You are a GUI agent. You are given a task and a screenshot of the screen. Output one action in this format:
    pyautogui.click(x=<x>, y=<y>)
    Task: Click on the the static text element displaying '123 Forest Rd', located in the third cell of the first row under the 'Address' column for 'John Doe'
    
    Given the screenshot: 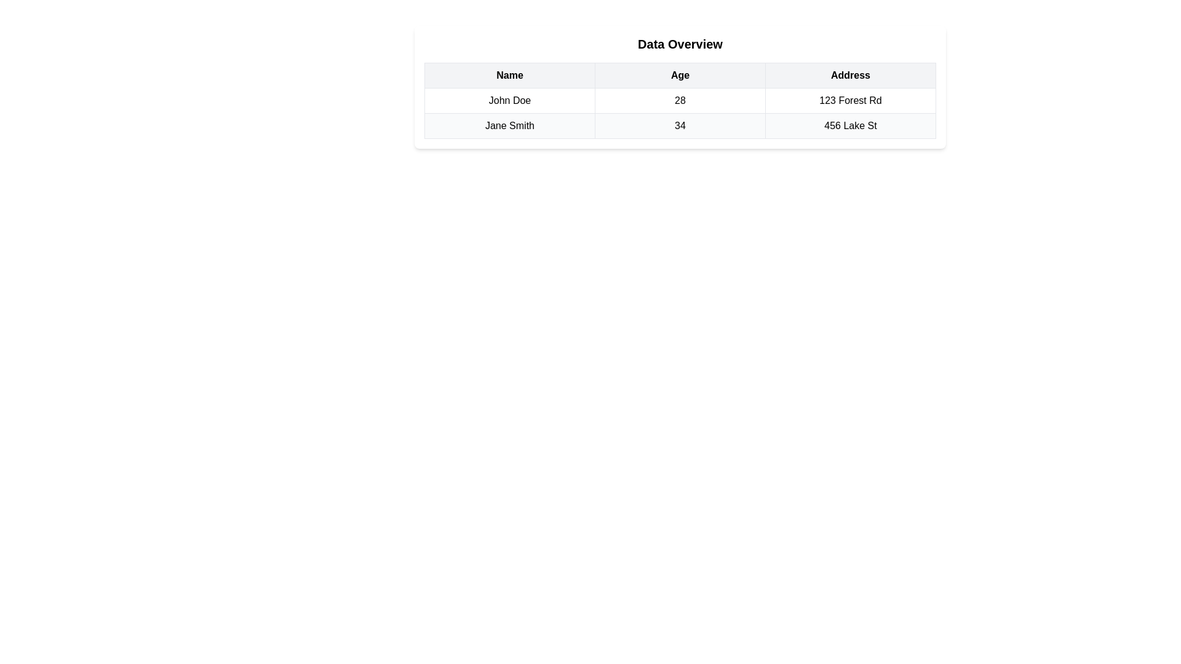 What is the action you would take?
    pyautogui.click(x=849, y=100)
    